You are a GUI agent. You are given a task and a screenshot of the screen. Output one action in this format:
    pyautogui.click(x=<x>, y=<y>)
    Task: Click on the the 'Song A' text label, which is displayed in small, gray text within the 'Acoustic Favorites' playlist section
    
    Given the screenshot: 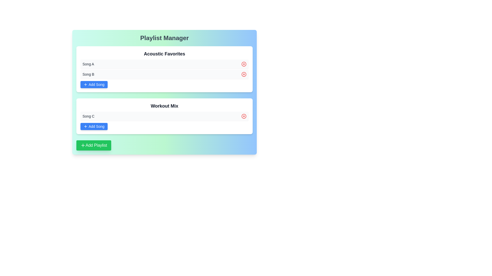 What is the action you would take?
    pyautogui.click(x=88, y=64)
    